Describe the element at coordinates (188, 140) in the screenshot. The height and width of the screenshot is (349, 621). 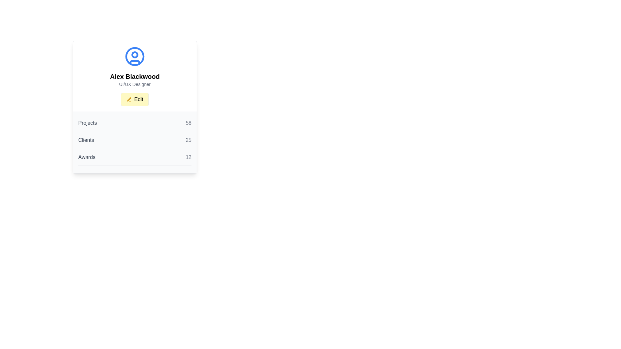
I see `the gray text label displaying the number '25', which is aligned to the right of the 'Clients' label` at that location.